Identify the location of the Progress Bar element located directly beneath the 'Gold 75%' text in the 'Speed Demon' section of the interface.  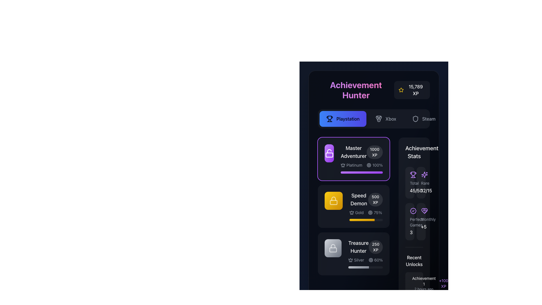
(366, 220).